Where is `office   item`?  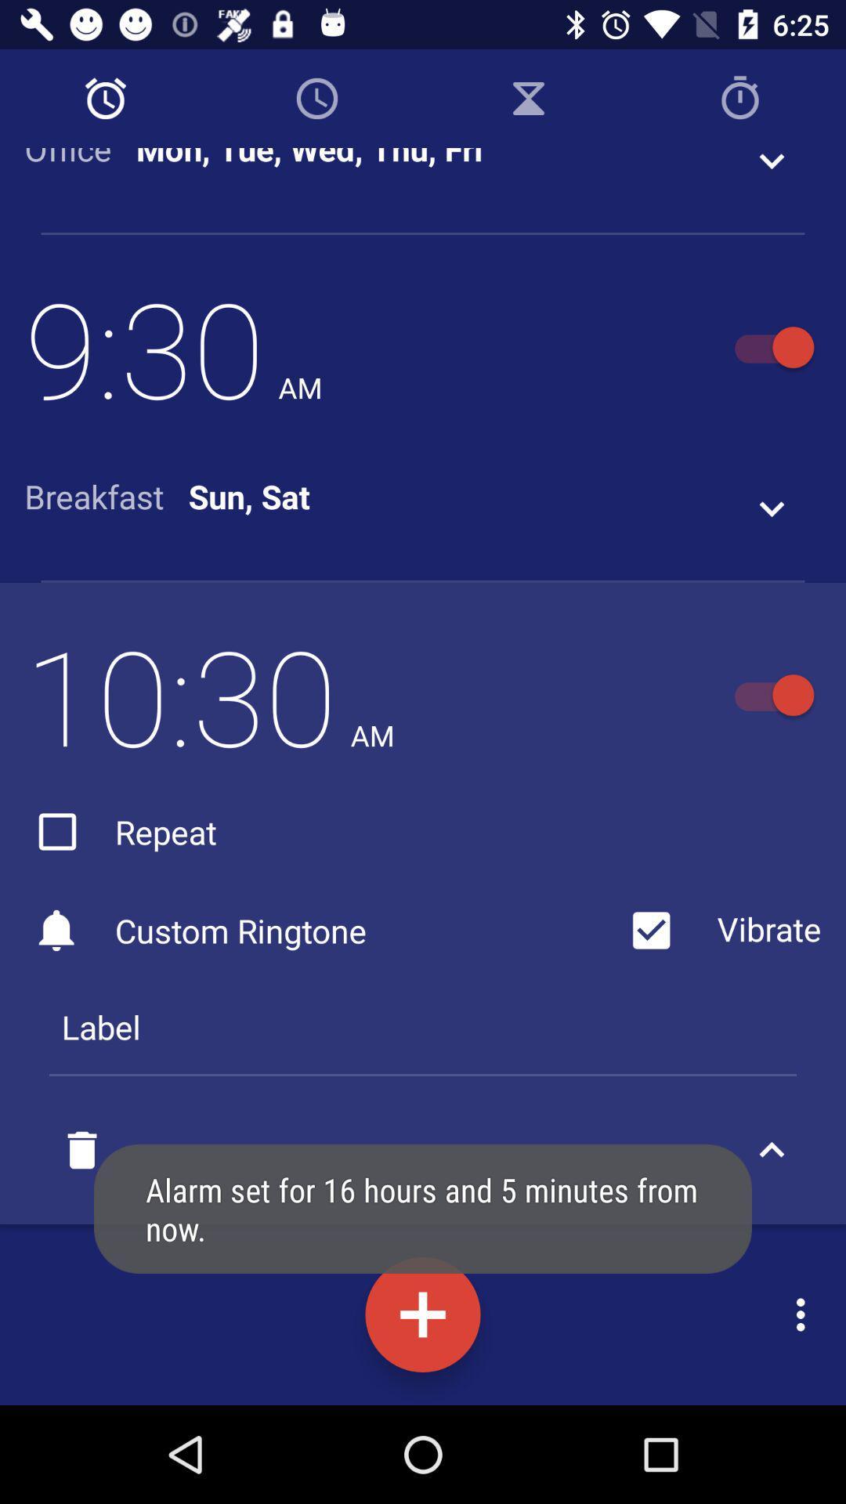 office   item is located at coordinates (80, 159).